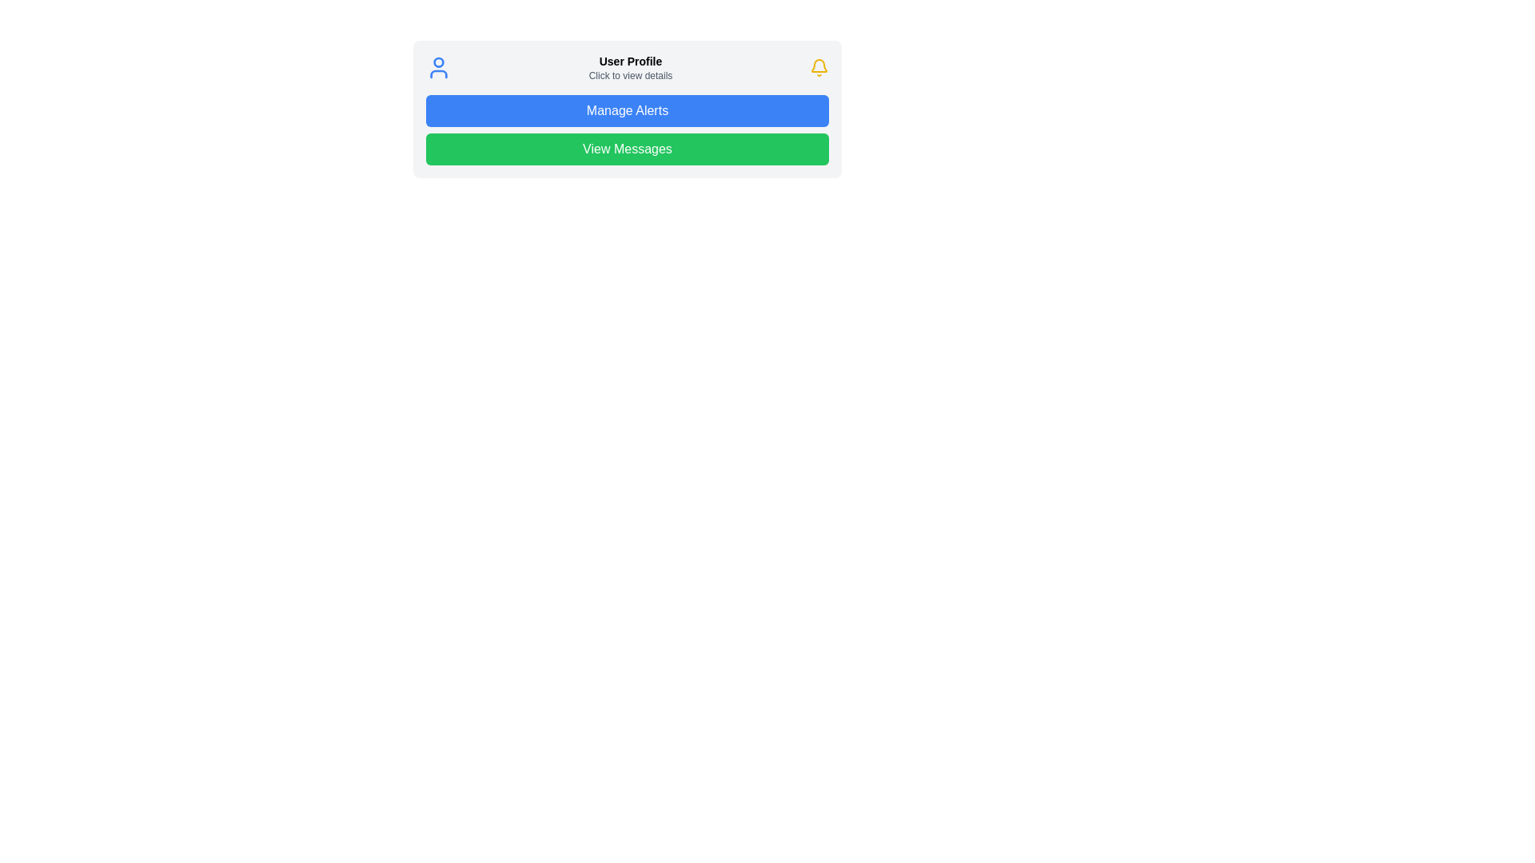  Describe the element at coordinates (627, 149) in the screenshot. I see `the button designed to allow the user` at that location.